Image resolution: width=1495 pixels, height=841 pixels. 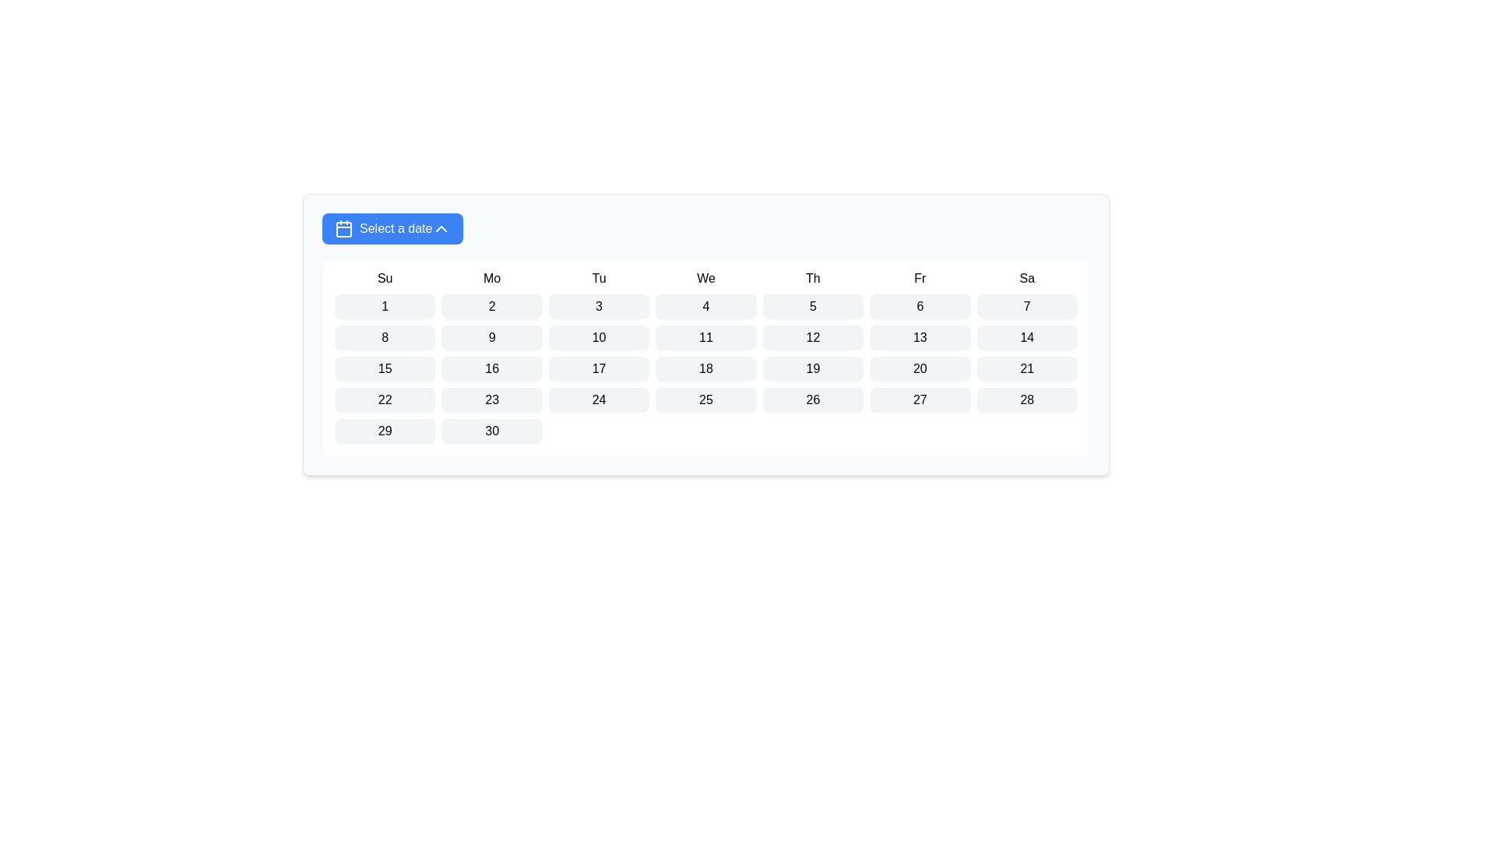 What do you see at coordinates (491, 337) in the screenshot?
I see `the rectangular button with rounded corners displaying the number '9'` at bounding box center [491, 337].